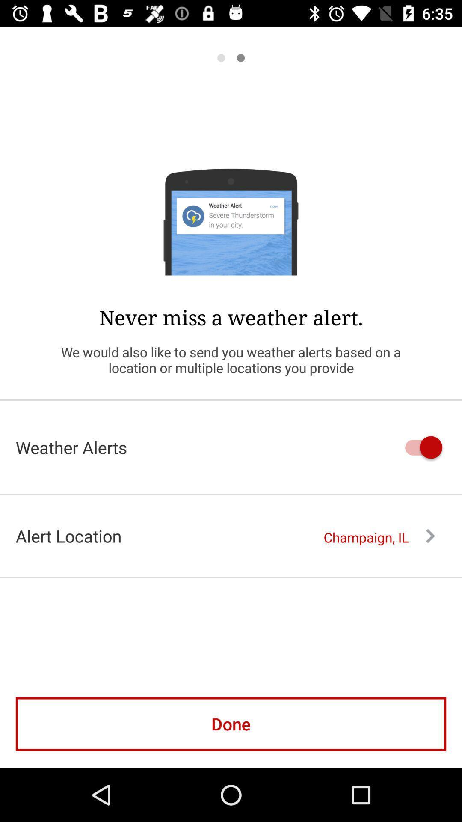 This screenshot has width=462, height=822. I want to click on champaign, il, so click(379, 537).